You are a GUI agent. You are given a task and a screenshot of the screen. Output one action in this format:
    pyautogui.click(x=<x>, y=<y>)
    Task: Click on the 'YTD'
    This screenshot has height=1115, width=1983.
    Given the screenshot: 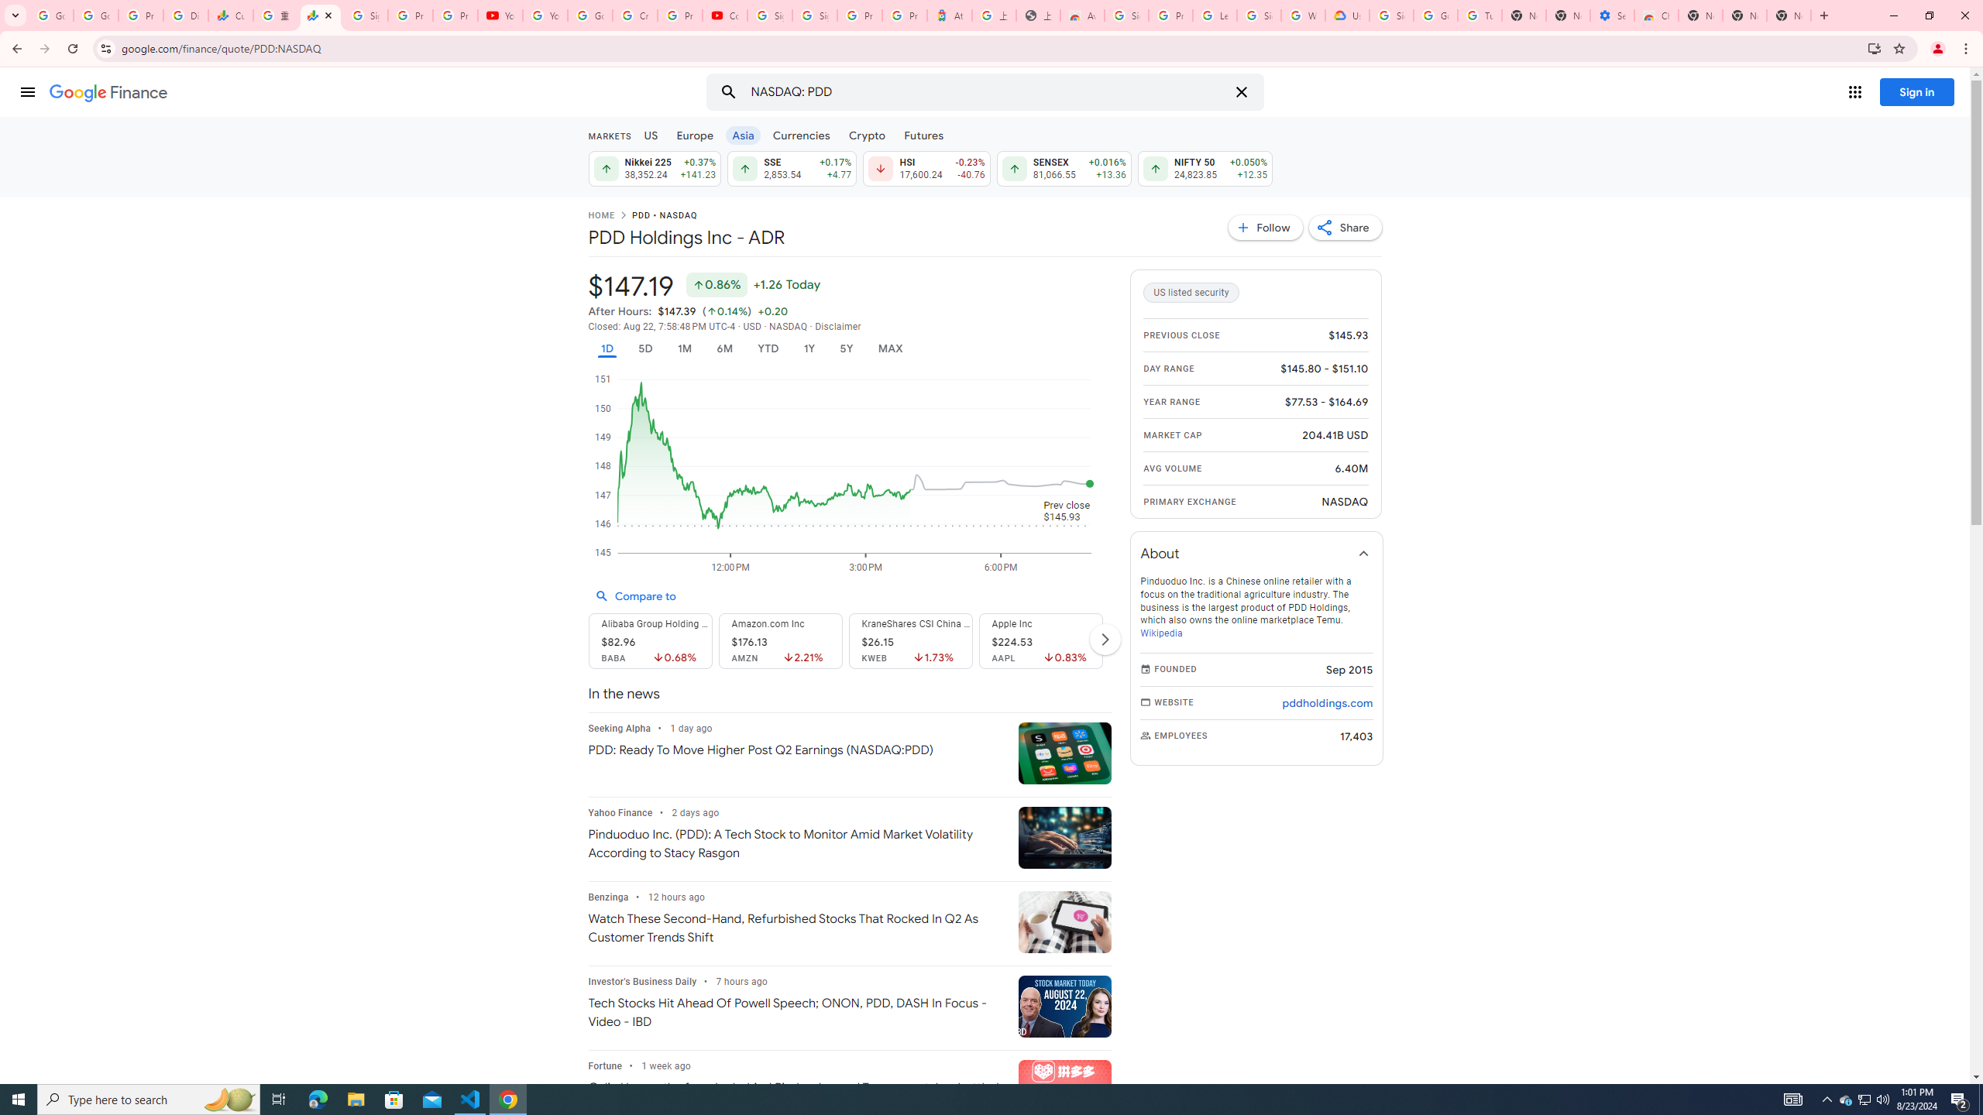 What is the action you would take?
    pyautogui.click(x=767, y=348)
    